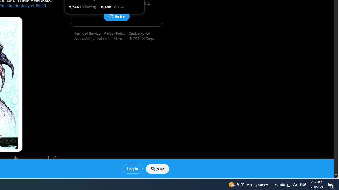  Describe the element at coordinates (23, 6) in the screenshot. I see `'#fantasyart'` at that location.